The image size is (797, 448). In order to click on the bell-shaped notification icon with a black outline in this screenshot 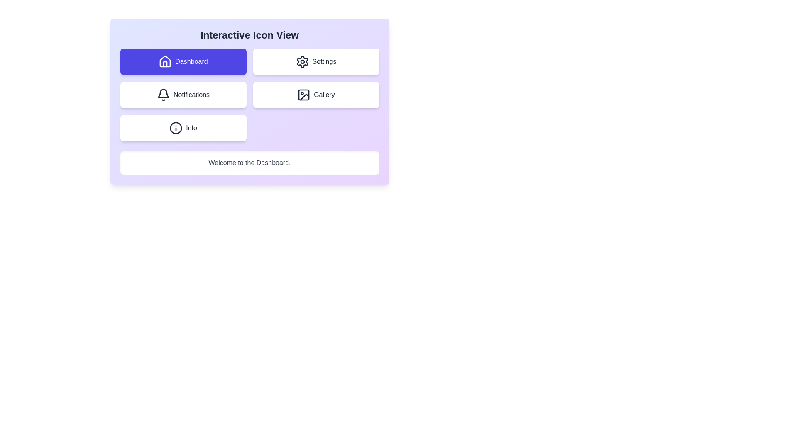, I will do `click(163, 94)`.